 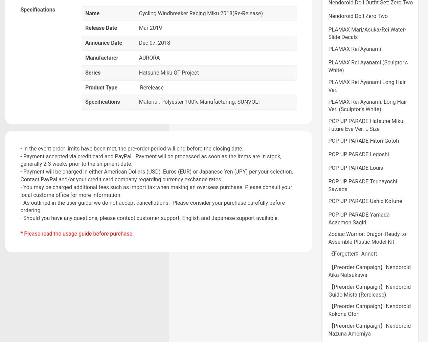 What do you see at coordinates (101, 57) in the screenshot?
I see `'Manufacturer'` at bounding box center [101, 57].